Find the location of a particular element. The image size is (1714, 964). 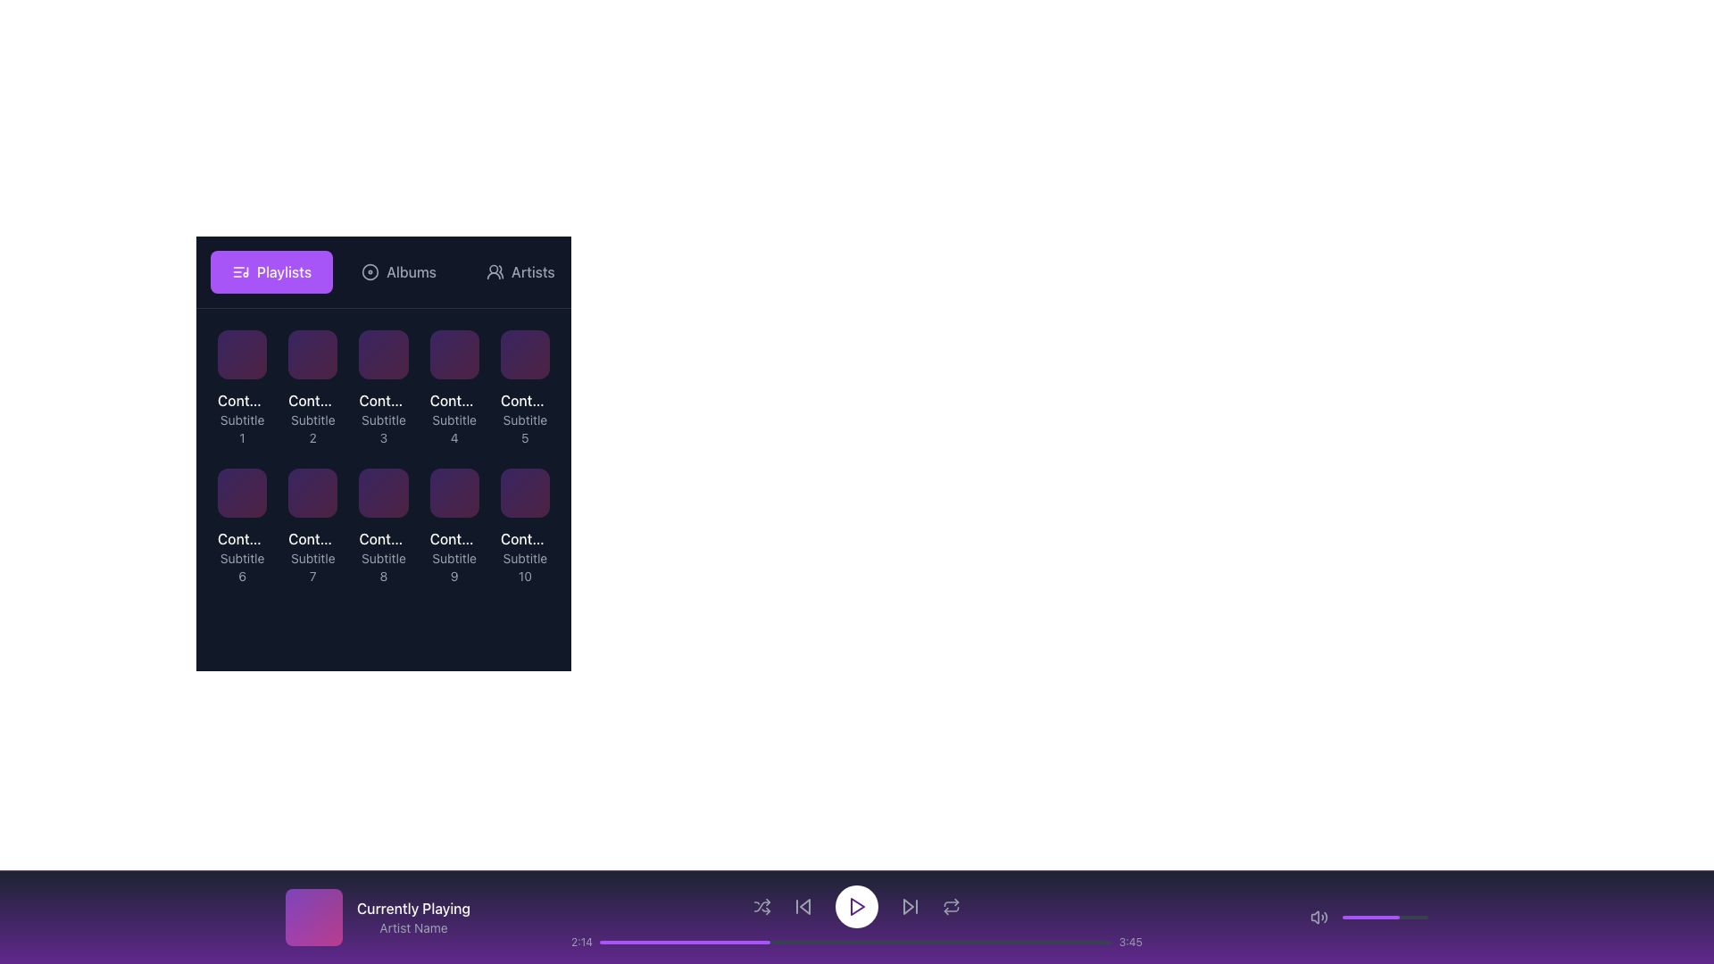

the loudspeaker icon button located in the bottom right corner of the interface to mute or unmute audio is located at coordinates (1319, 918).